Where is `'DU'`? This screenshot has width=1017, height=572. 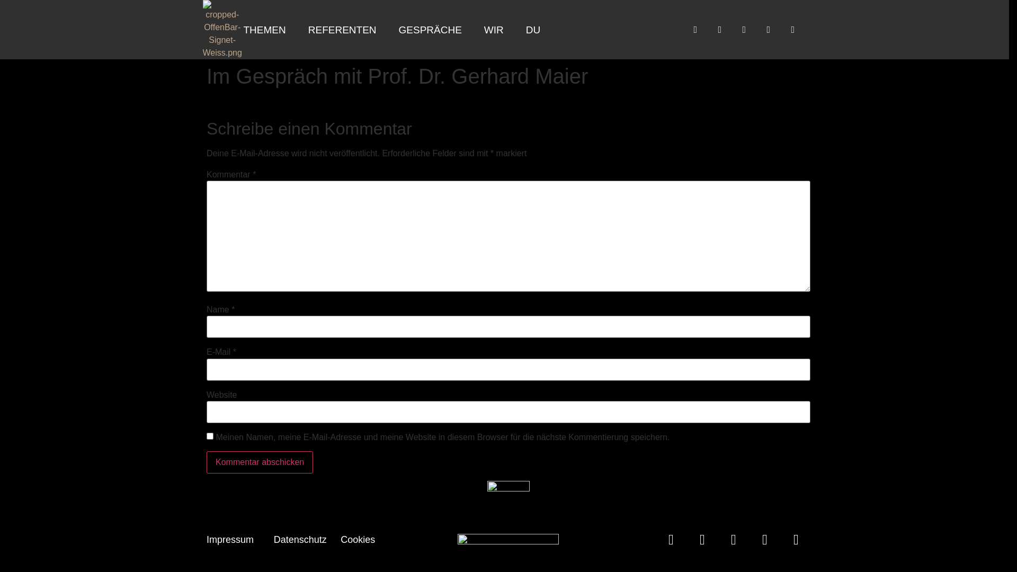
'DU' is located at coordinates (533, 29).